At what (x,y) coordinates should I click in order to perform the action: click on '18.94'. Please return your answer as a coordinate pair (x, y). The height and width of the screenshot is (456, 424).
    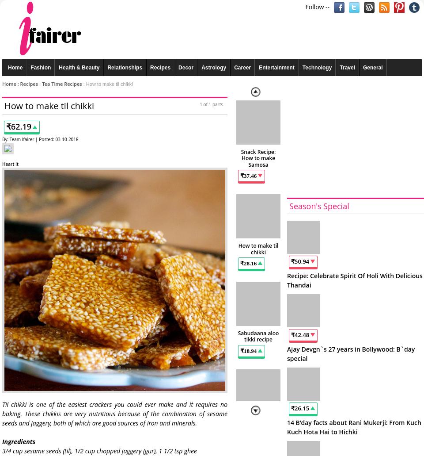
    Looking at the image, I should click on (250, 350).